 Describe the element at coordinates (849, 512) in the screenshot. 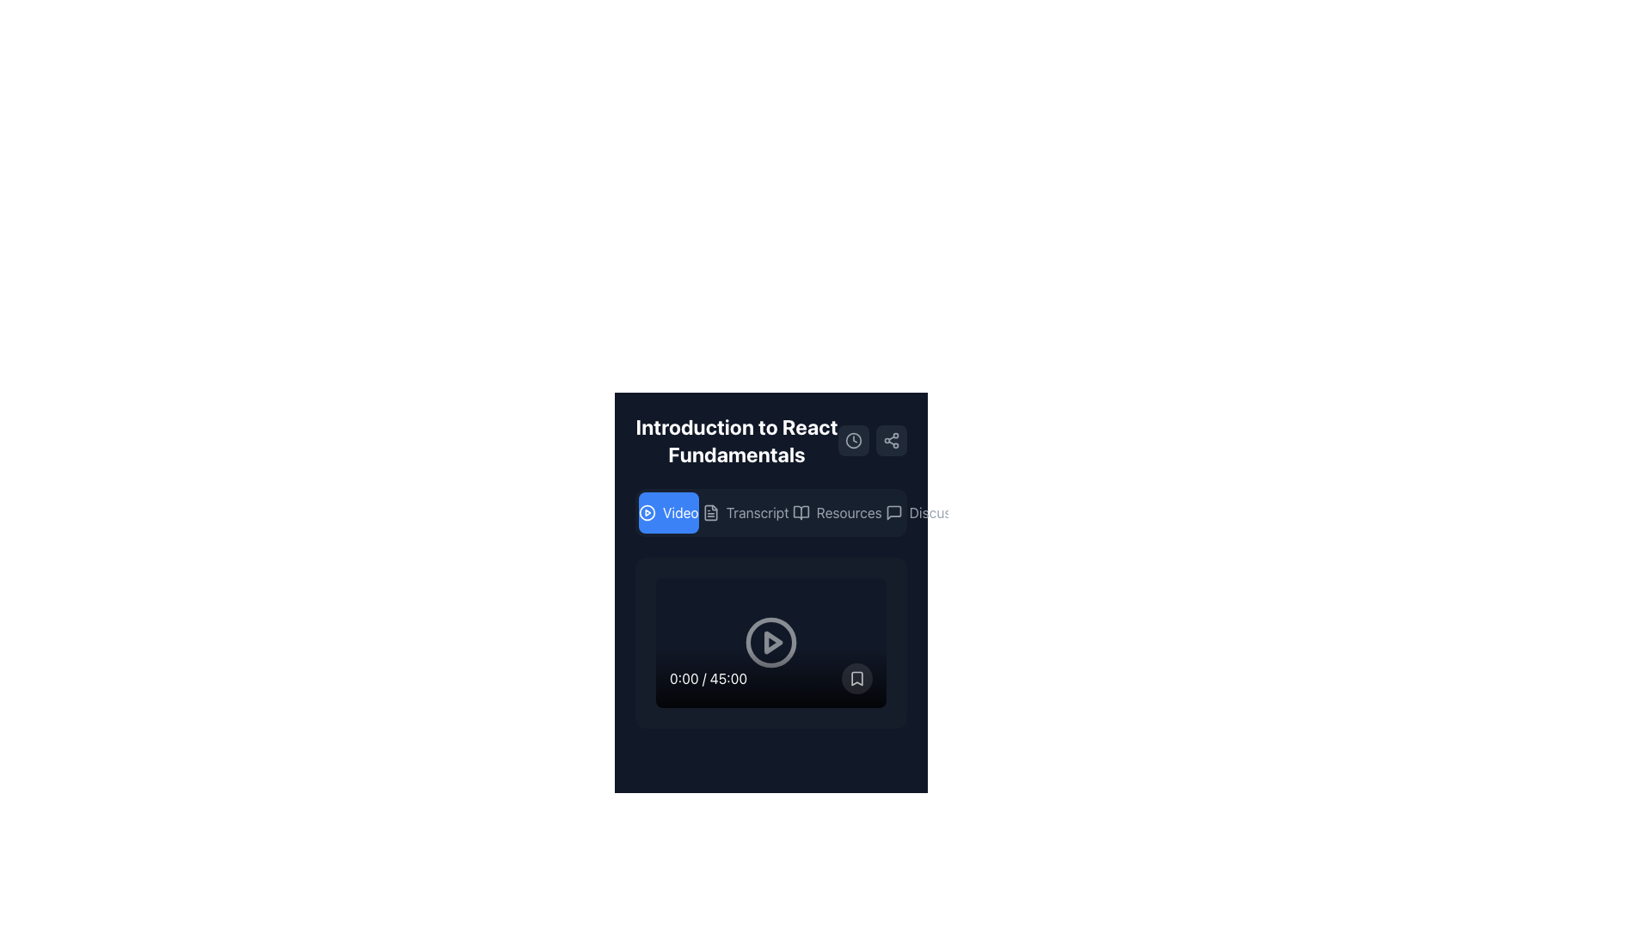

I see `the 'Resources' button in the middle-right area of the horizontal toolbar` at that location.